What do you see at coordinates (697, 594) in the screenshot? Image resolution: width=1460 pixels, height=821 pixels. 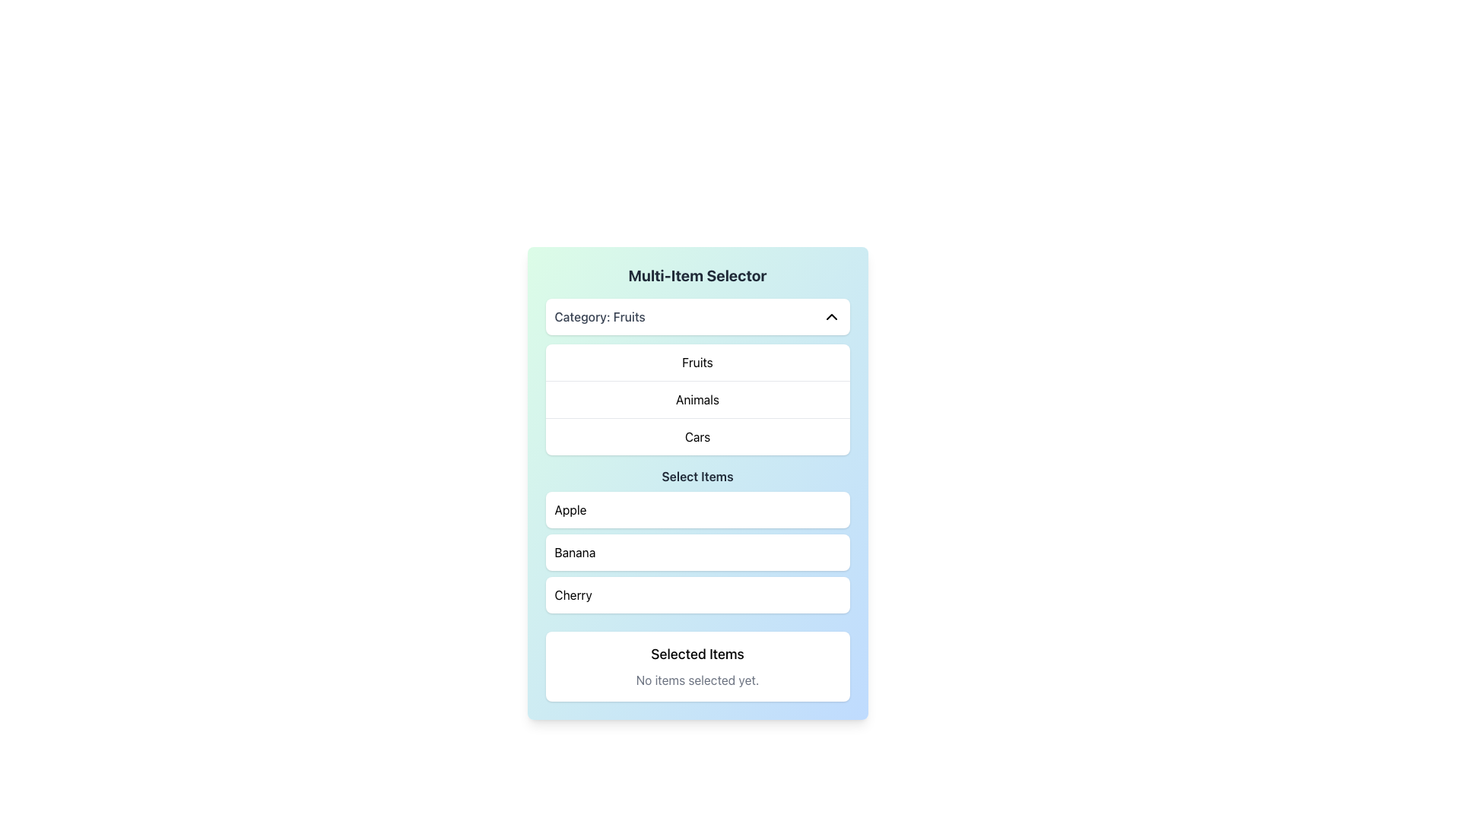 I see `the 'Cherry' option within the 'Select Items' list` at bounding box center [697, 594].